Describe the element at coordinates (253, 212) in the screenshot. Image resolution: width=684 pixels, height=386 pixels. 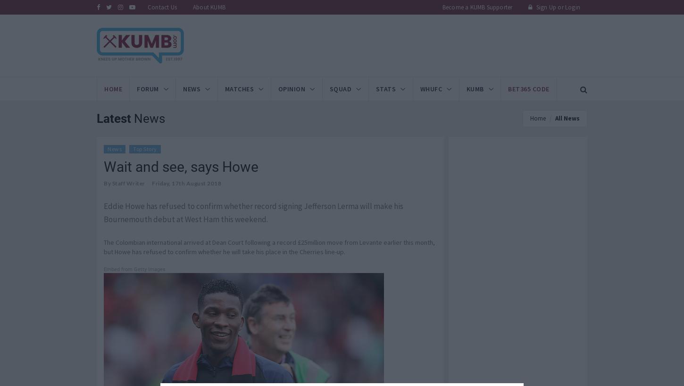
I see `'Eddie Howe has refused to confirm whether record signing Jefferson Lerma will make his Bournemouth debut at West Ham this weekend.'` at that location.